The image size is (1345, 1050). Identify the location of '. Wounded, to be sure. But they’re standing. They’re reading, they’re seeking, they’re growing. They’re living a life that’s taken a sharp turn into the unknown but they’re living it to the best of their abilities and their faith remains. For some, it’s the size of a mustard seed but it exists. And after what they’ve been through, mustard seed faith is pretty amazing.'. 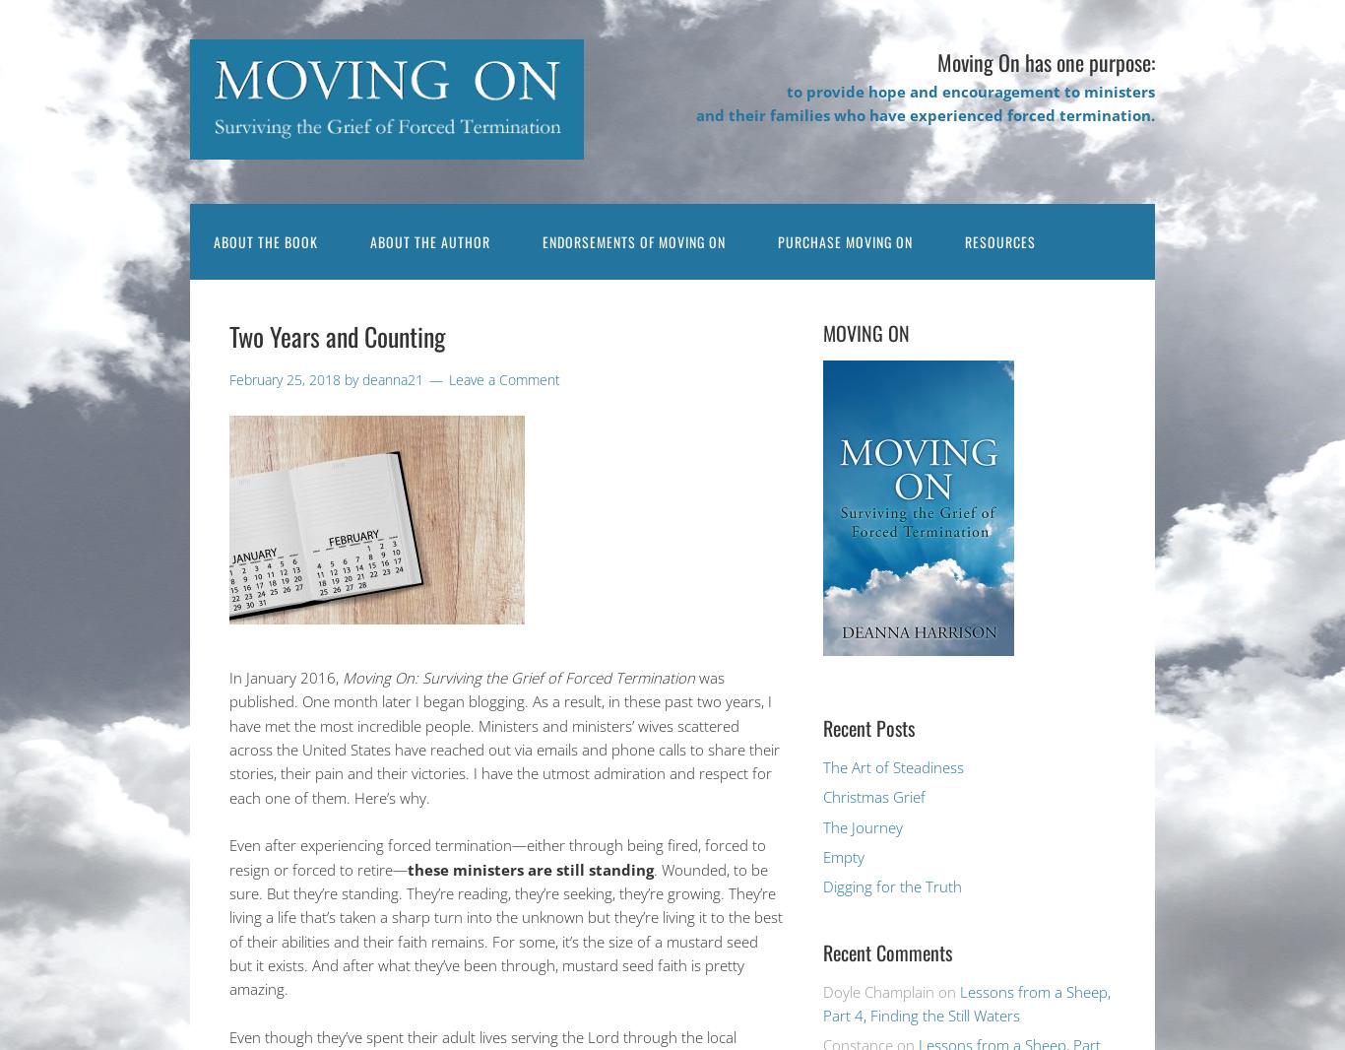
(229, 928).